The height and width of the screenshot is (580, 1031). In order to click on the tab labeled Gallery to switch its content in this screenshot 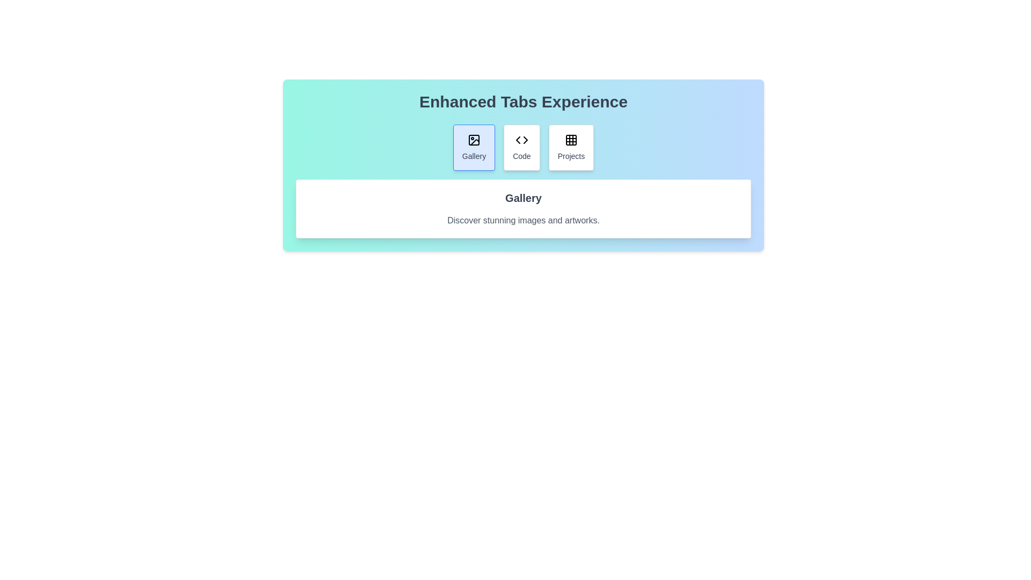, I will do `click(474, 147)`.